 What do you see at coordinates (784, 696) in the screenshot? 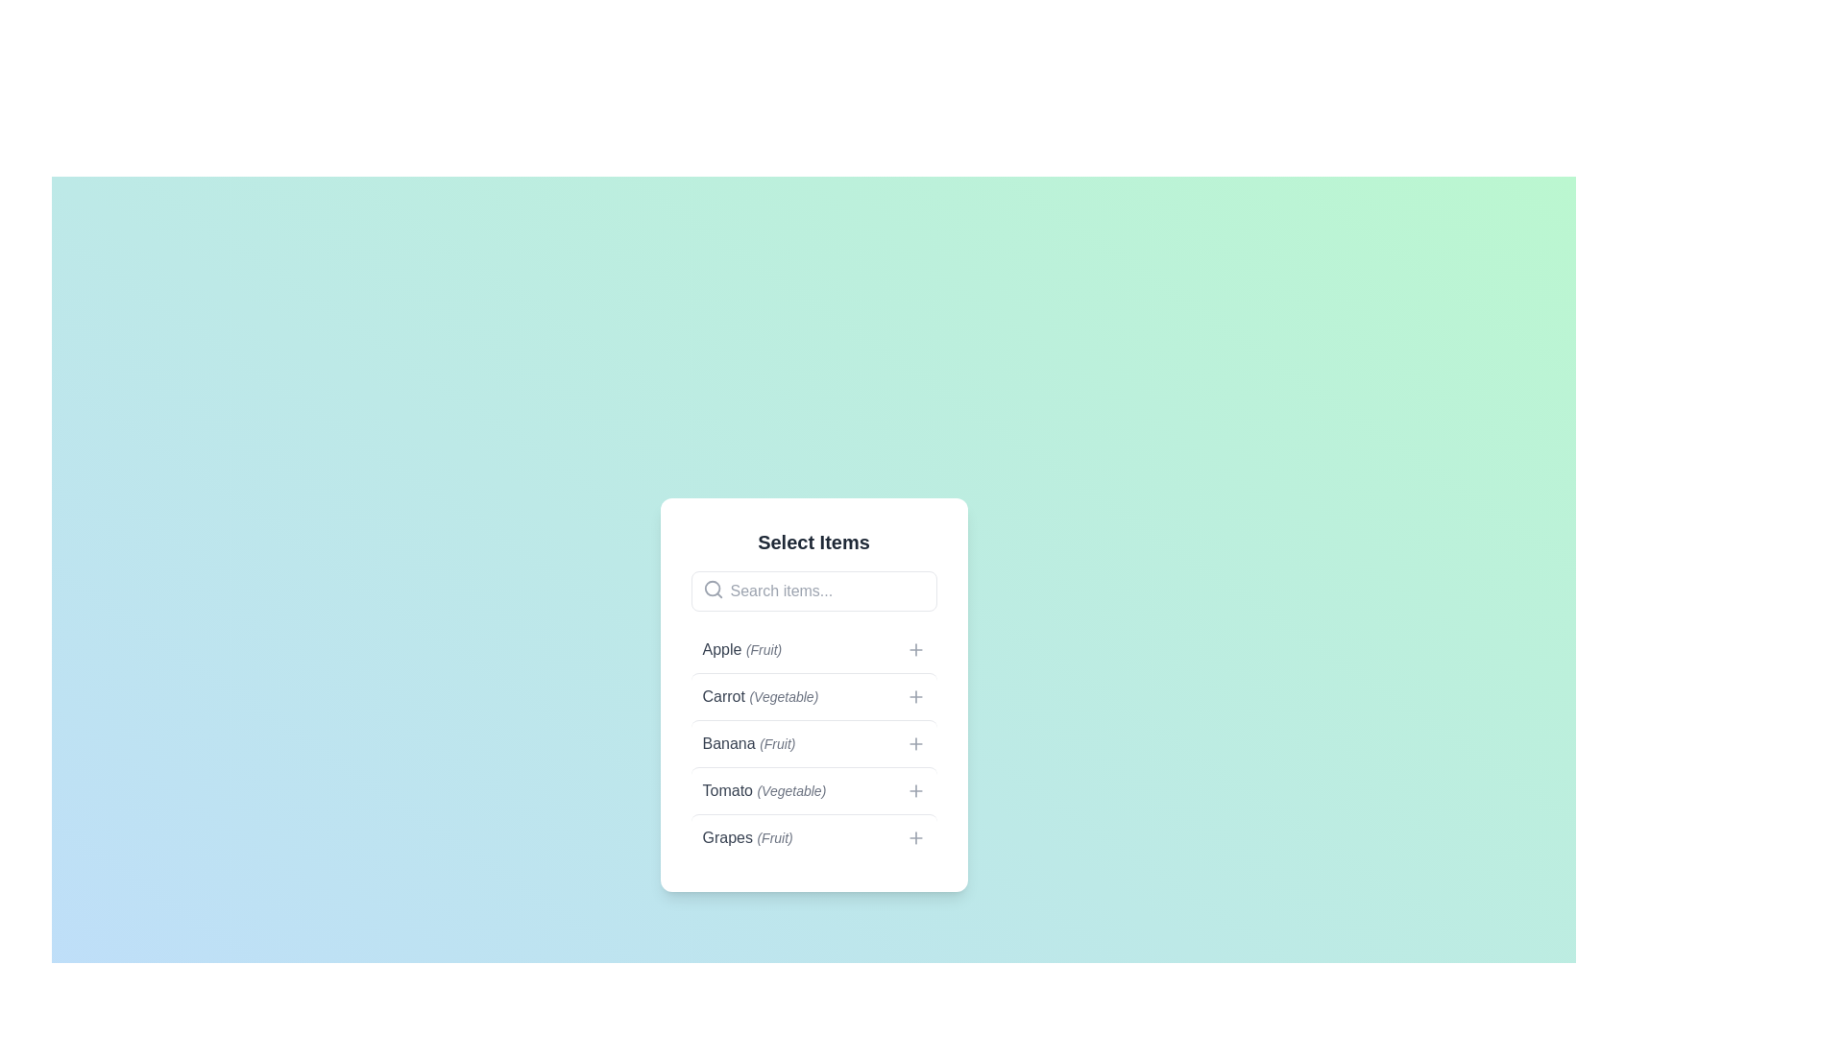
I see `the text label that indicates 'Carrot' belongs to the 'Vegetable' category, positioned within the list item labeled 'Carrot (Vegetable)'` at bounding box center [784, 696].